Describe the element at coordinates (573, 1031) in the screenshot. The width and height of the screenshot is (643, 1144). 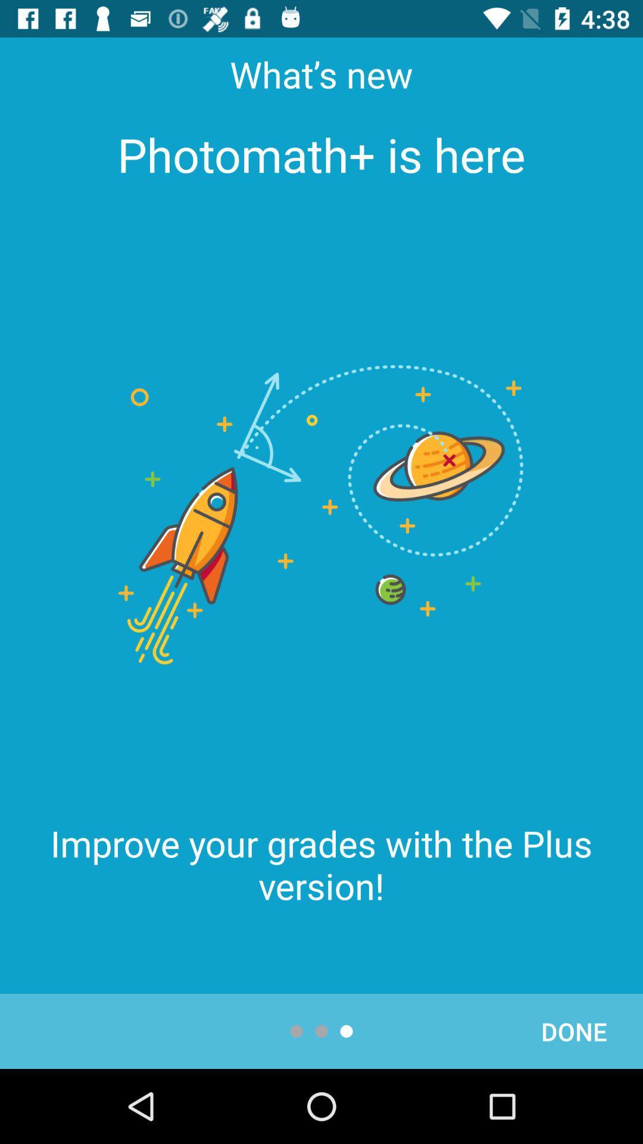
I see `item at the bottom right corner` at that location.